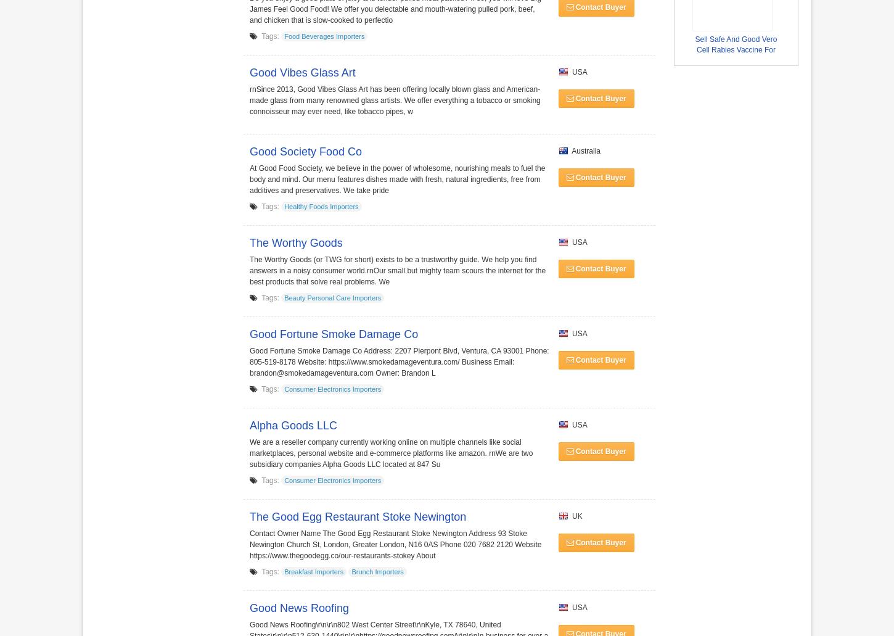 The width and height of the screenshot is (894, 636). Describe the element at coordinates (395, 545) in the screenshot. I see `'Contact
Owner Name
The Good Egg Restaurant Stoke Newington
Address
93 Stoke Newington Church St, London, Greater London, N16 0AS
Phone
020 7682 2120
Website
https://www.thegoodegg.co/our-restaurants-stokey
About'` at that location.